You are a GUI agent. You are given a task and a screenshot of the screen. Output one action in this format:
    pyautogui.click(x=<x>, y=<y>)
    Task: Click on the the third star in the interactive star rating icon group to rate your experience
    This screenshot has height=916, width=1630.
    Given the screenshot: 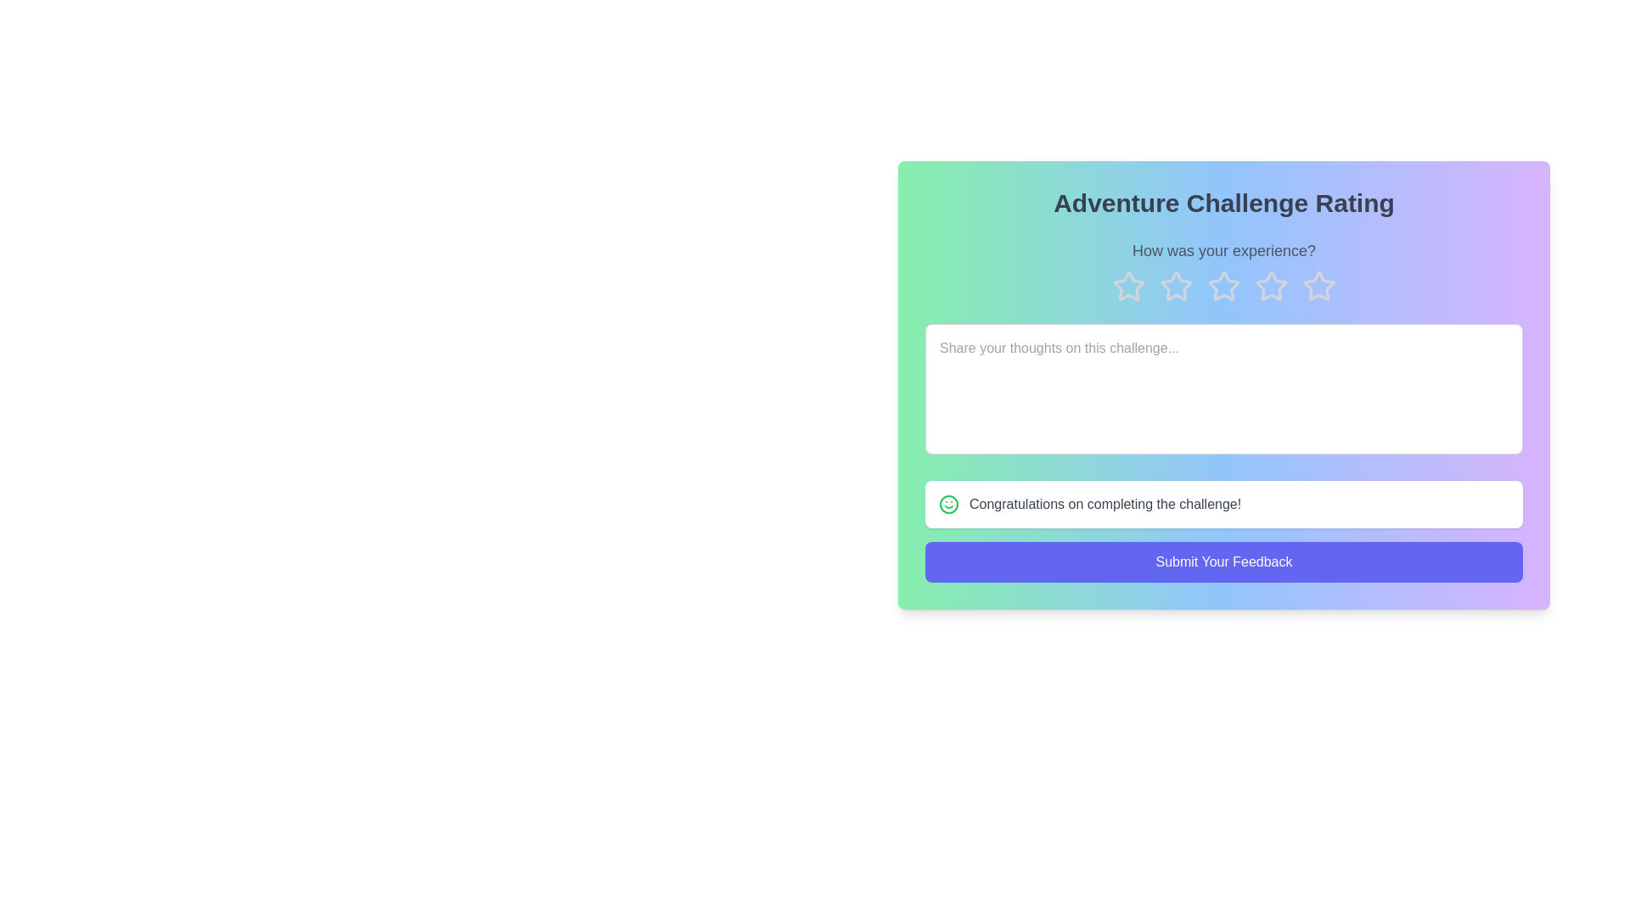 What is the action you would take?
    pyautogui.click(x=1223, y=286)
    